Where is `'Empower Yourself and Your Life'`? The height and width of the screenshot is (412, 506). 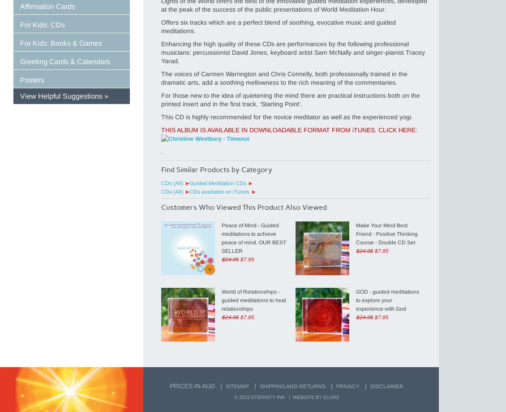
'Empower Yourself and Your Life' is located at coordinates (73, 136).